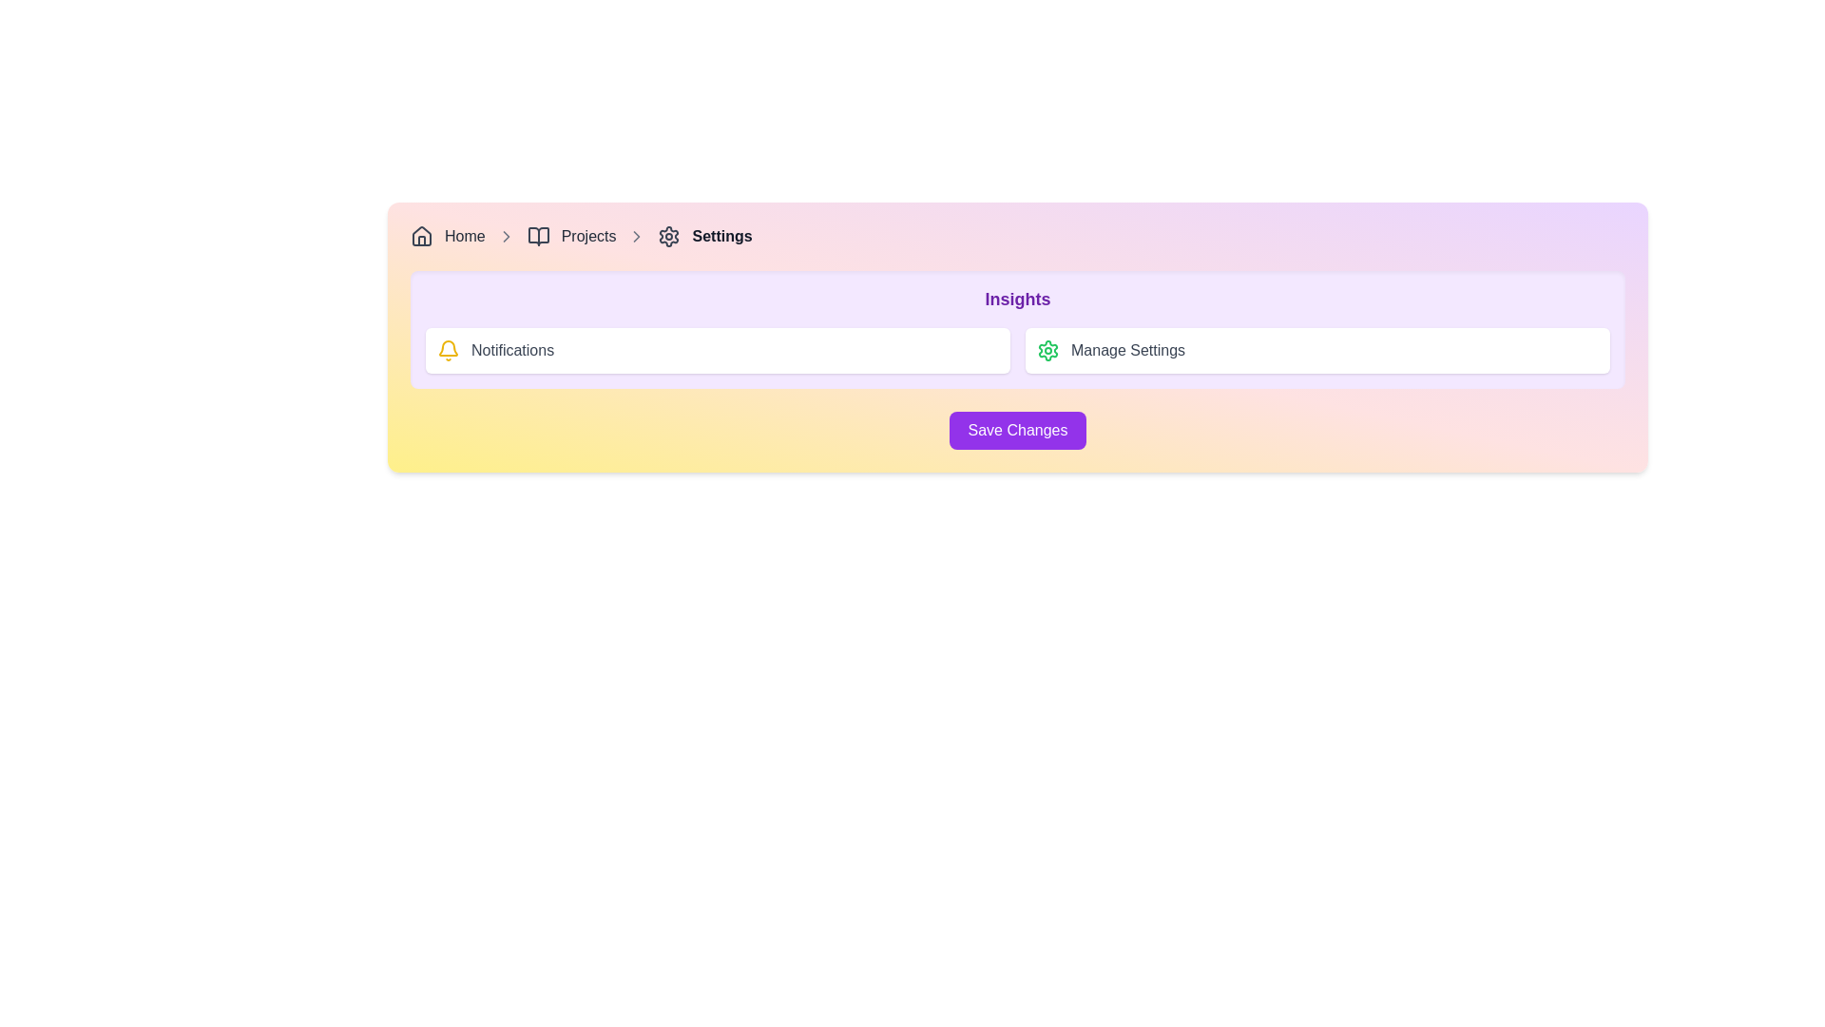 The image size is (1825, 1027). Describe the element at coordinates (537, 236) in the screenshot. I see `the navigation icon for the 'Projects' section located in the top horizontal navigation bar, positioned between a chevron icon and the label text 'Projects'` at that location.